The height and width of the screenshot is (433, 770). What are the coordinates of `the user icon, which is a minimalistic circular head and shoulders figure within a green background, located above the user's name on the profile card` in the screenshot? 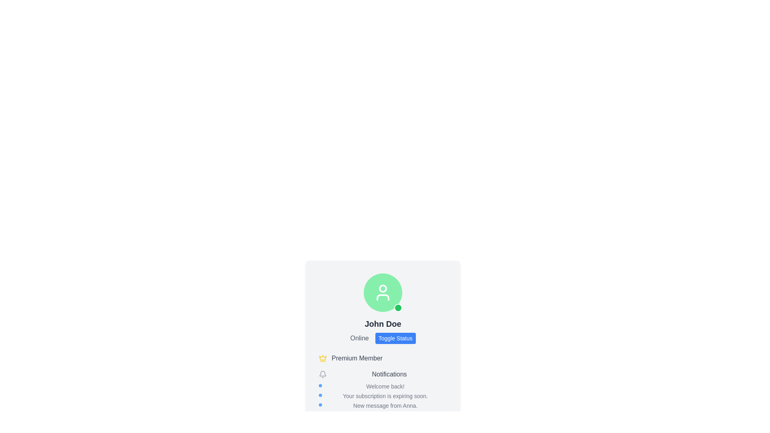 It's located at (383, 292).